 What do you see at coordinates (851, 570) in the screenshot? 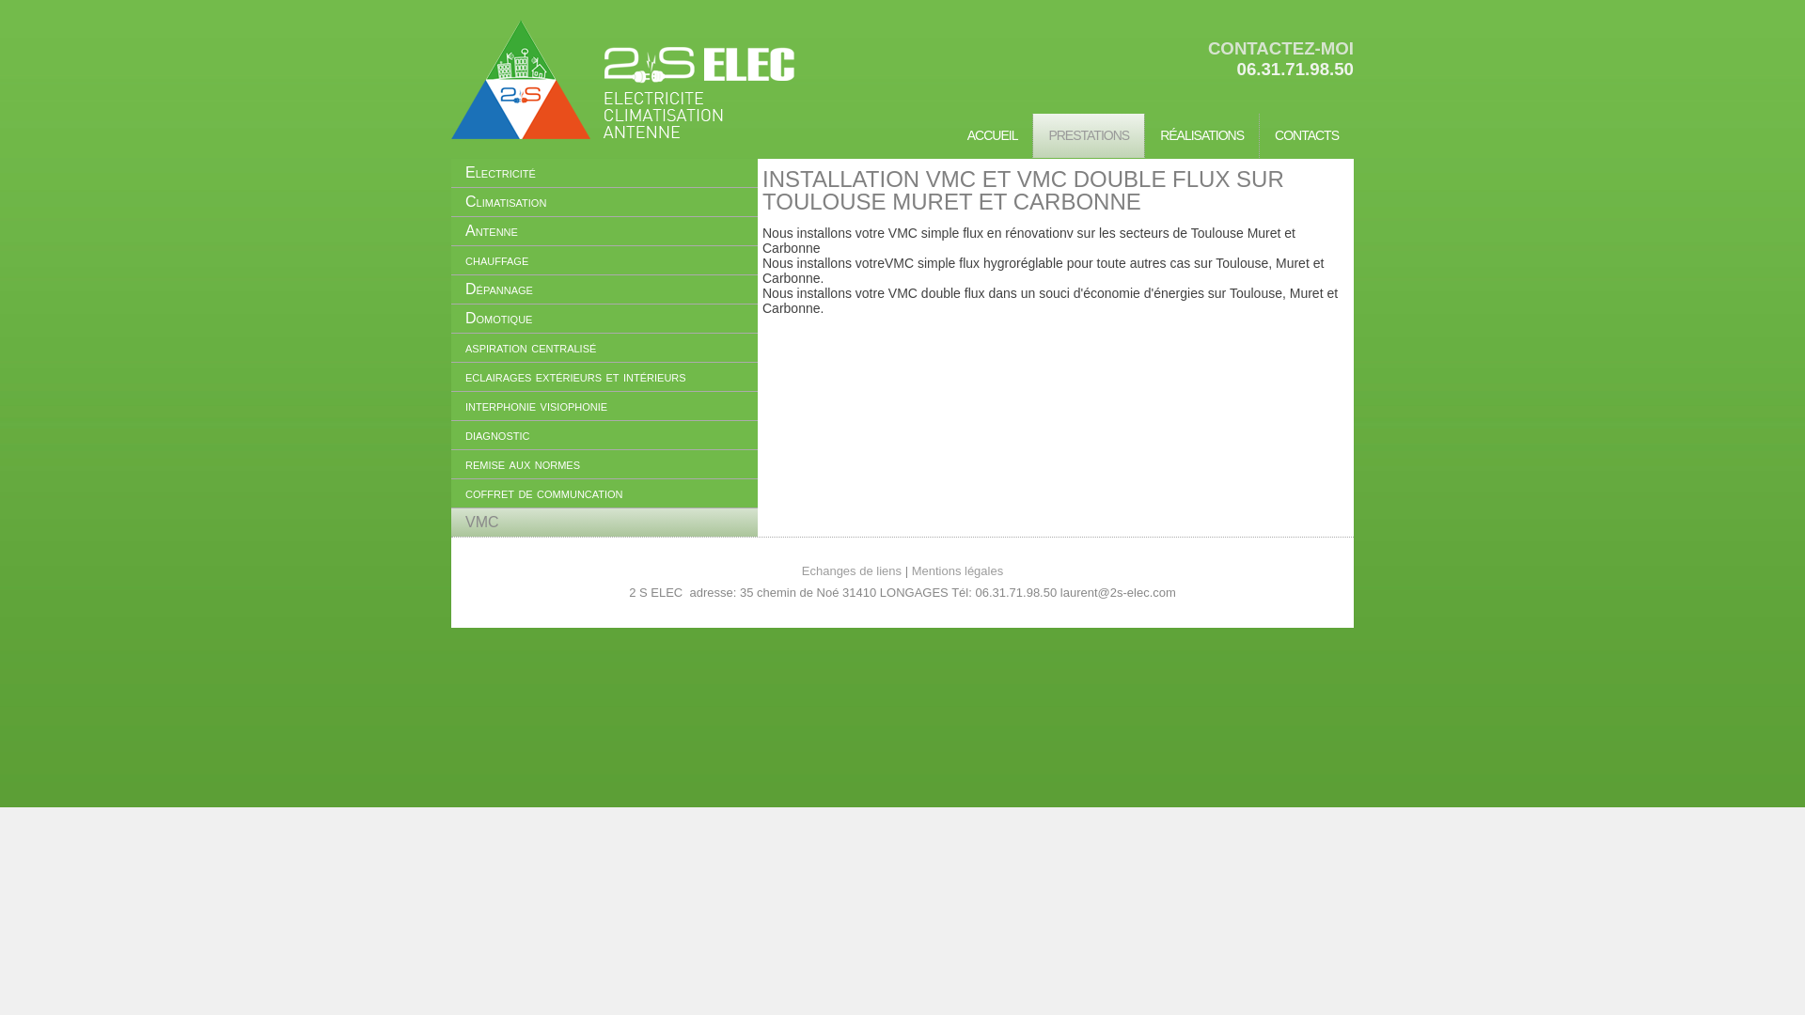
I see `'Echanges de liens'` at bounding box center [851, 570].